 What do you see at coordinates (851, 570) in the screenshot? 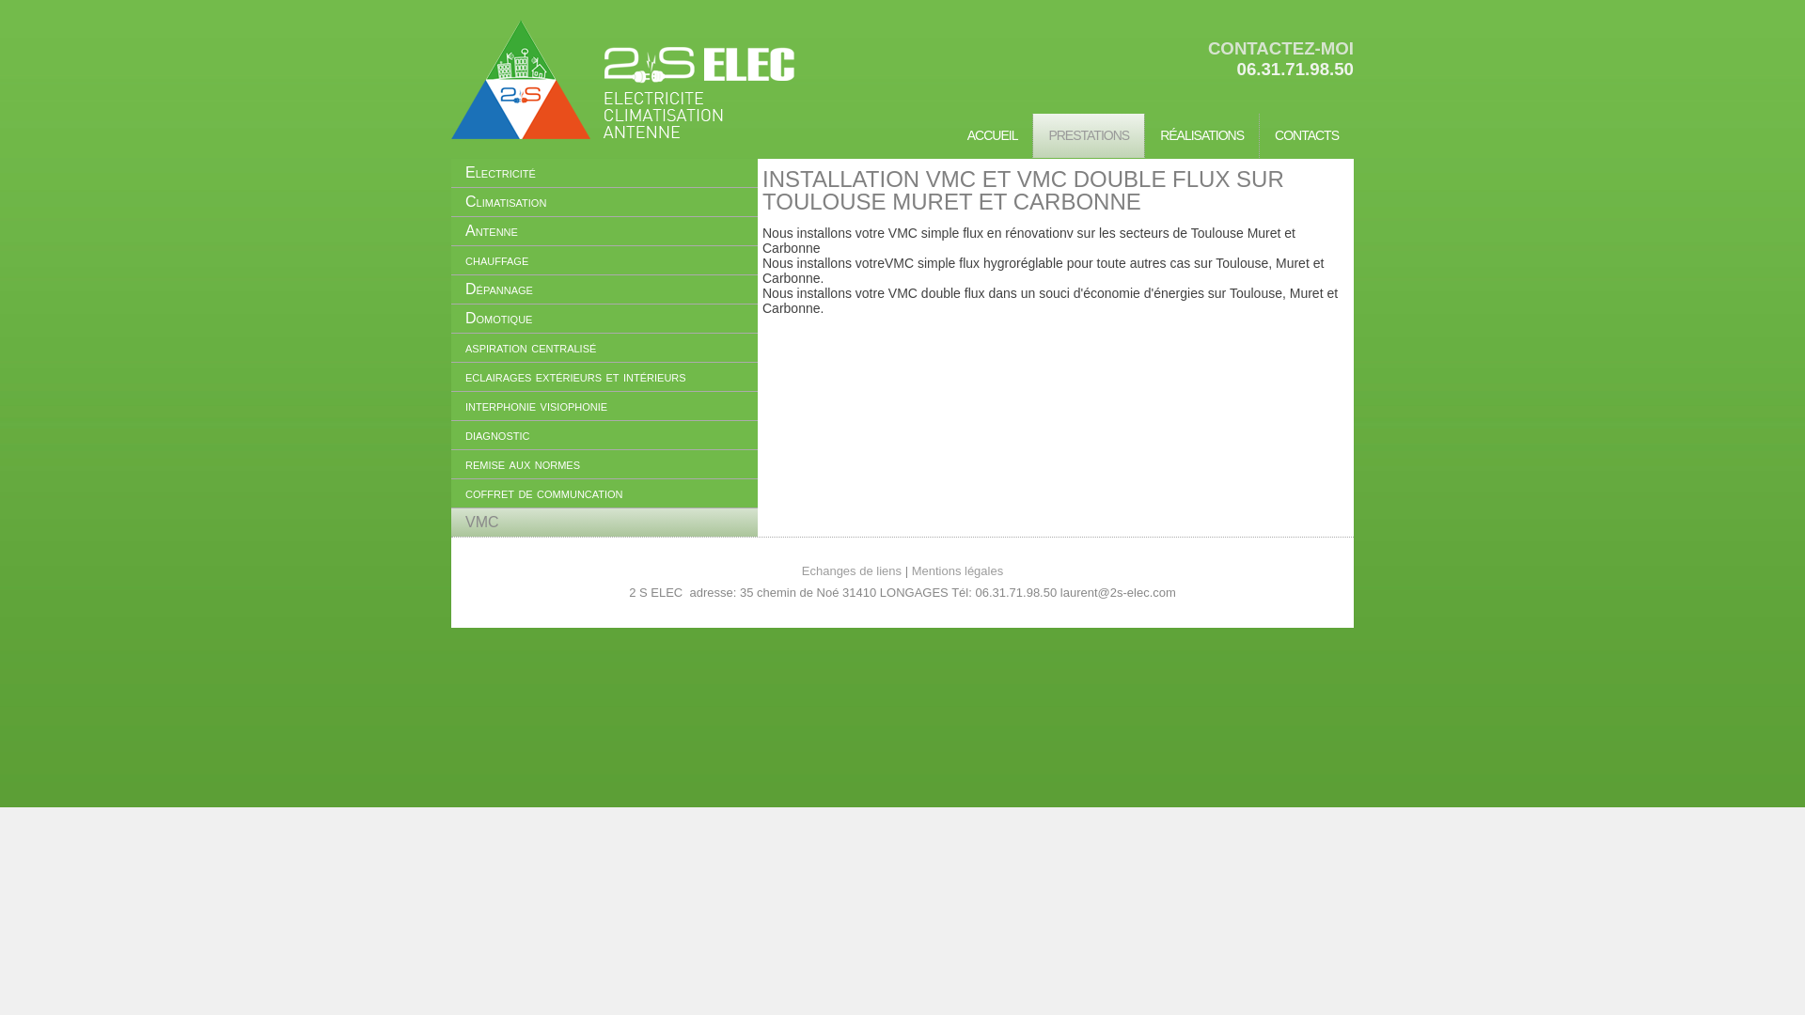
I see `'Echanges de liens'` at bounding box center [851, 570].